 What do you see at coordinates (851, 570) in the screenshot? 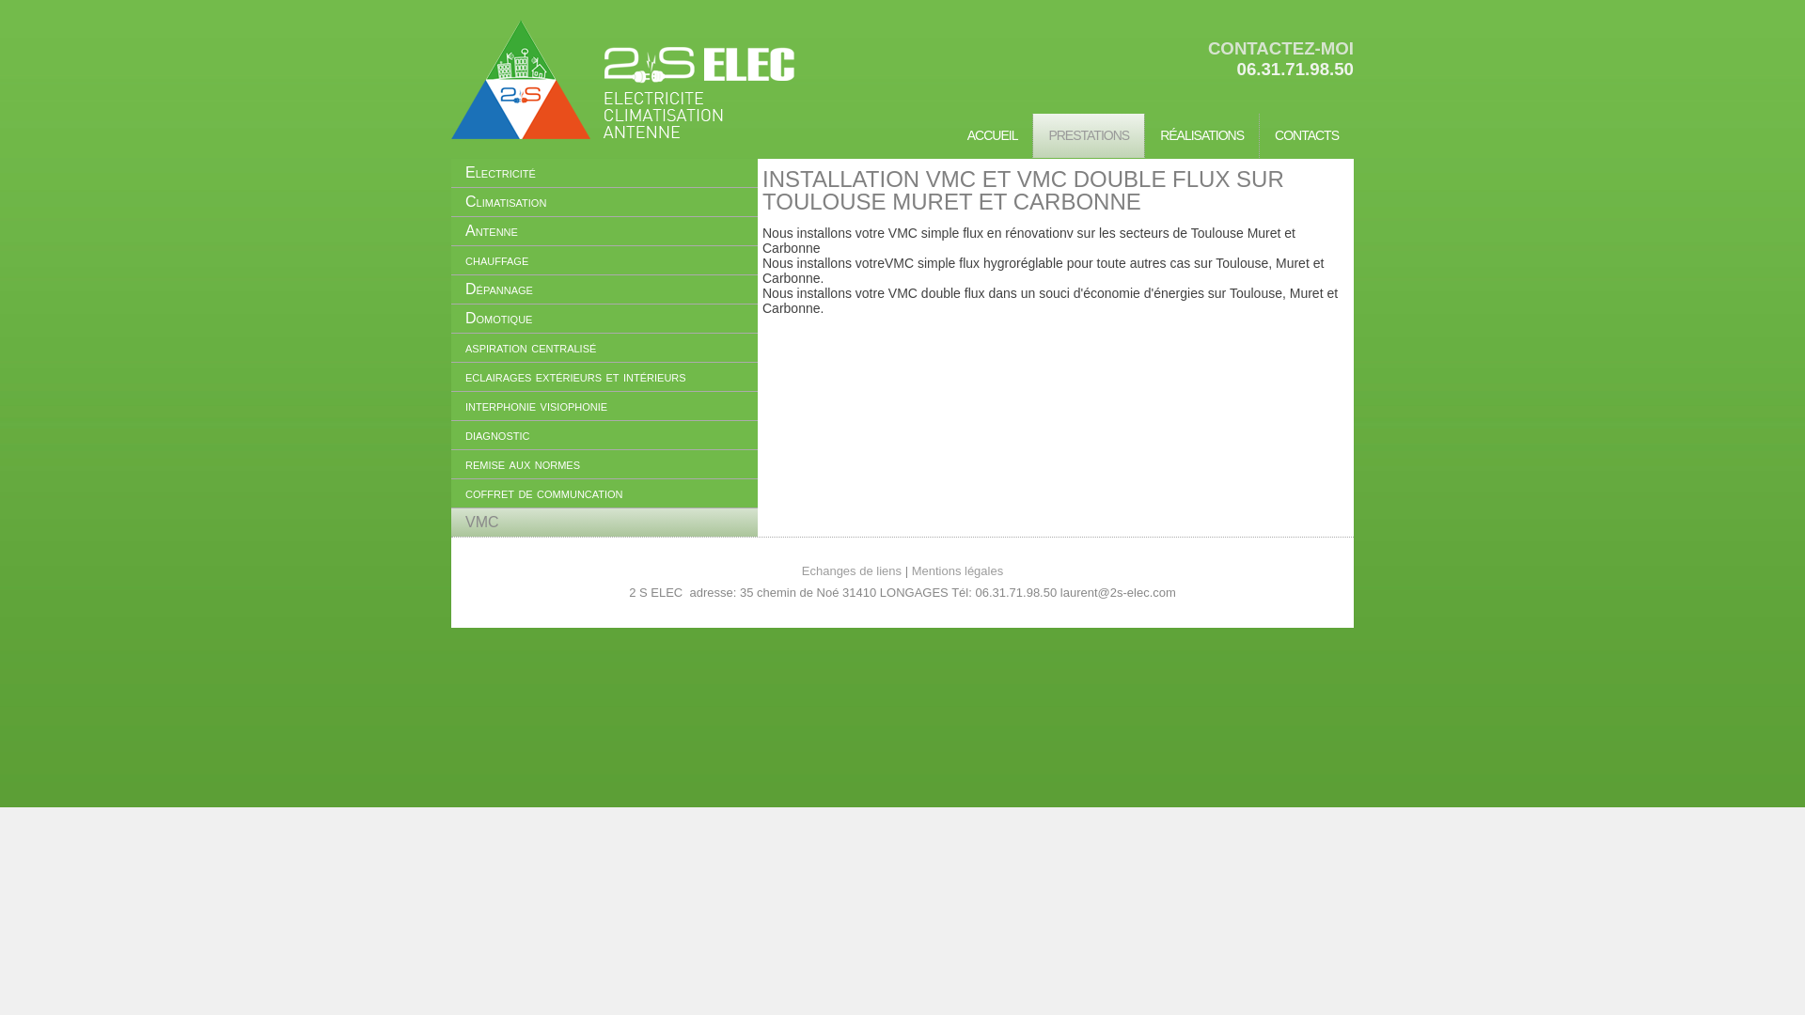
I see `'Echanges de liens'` at bounding box center [851, 570].